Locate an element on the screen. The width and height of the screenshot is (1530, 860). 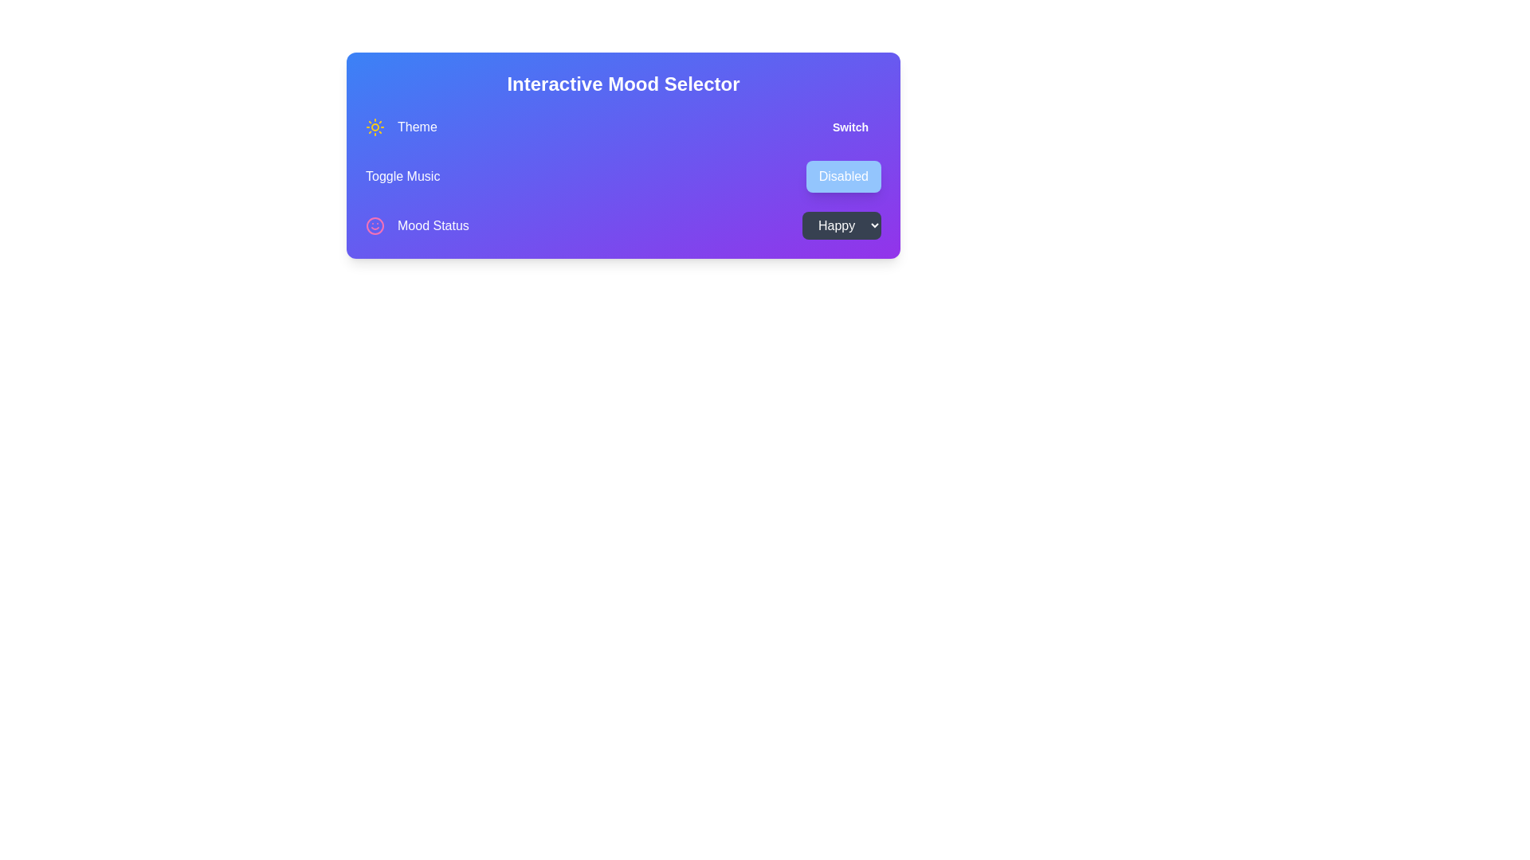
the 'Theme' label text, which is displayed in medium-weight font and positioned to the right of a sun icon within the 'Interactive Mood Selector' card is located at coordinates (417, 126).